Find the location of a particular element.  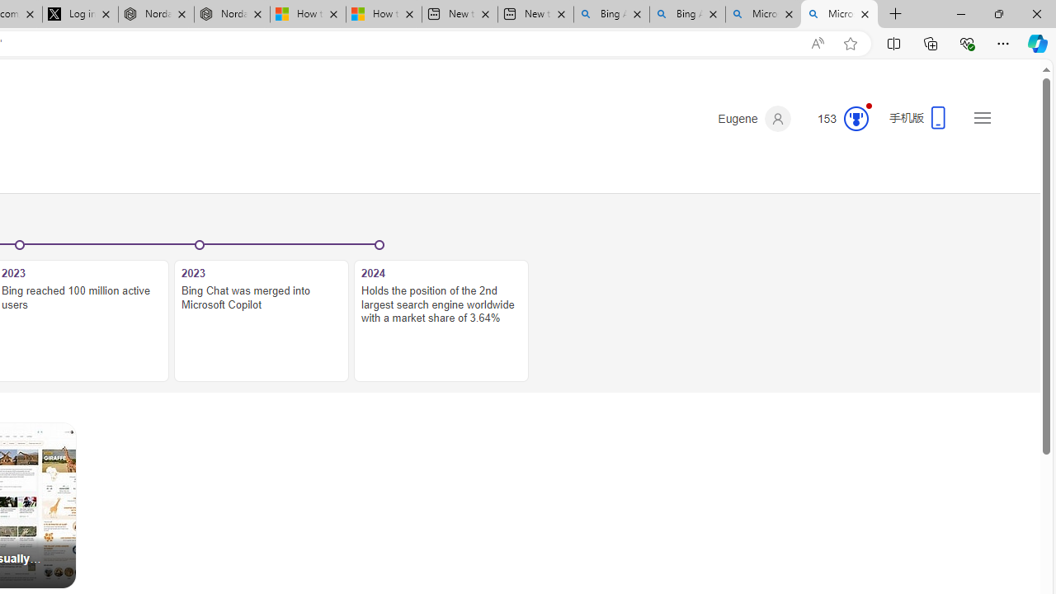

'Eugene' is located at coordinates (753, 118).